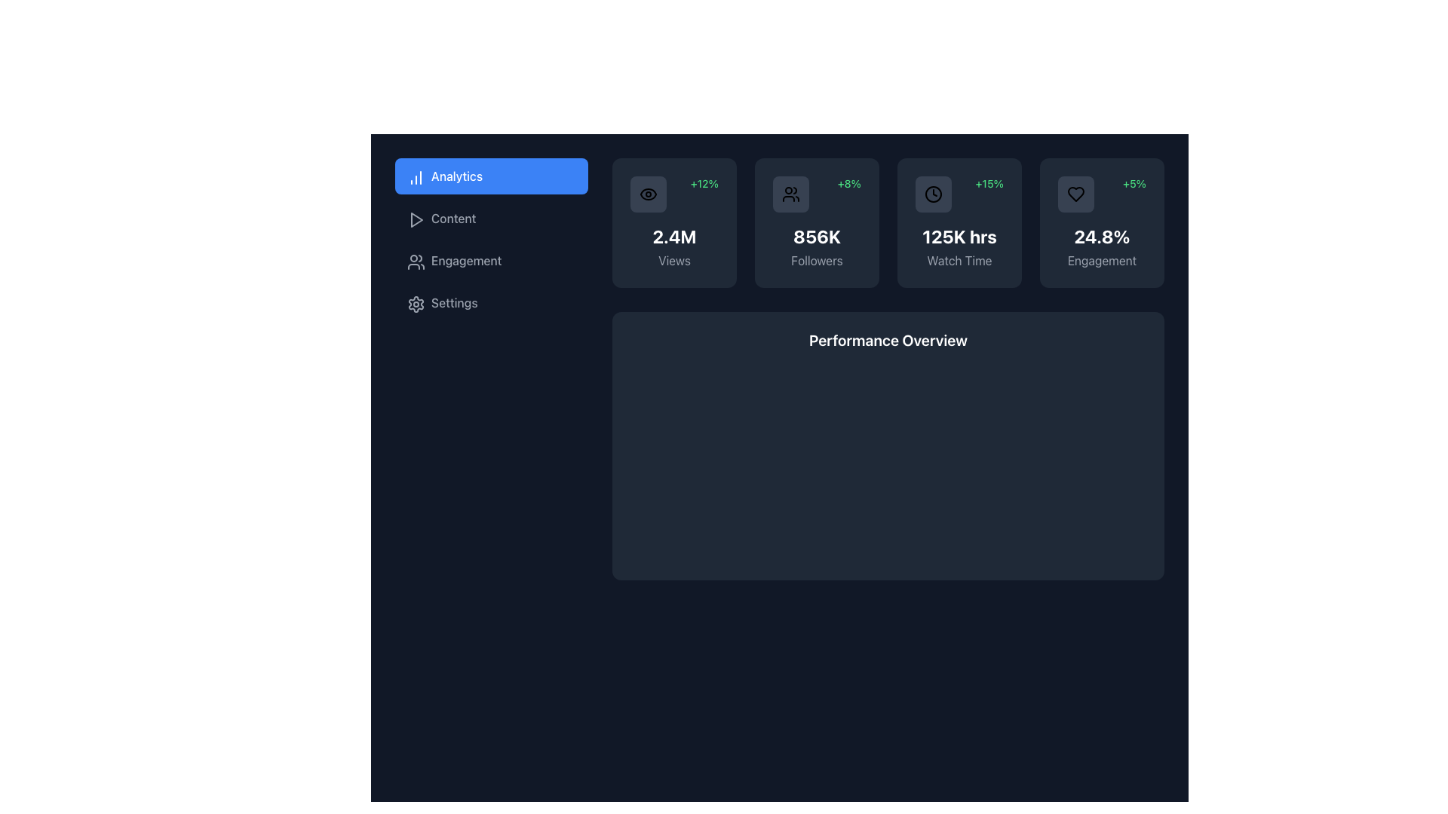 The width and height of the screenshot is (1448, 814). What do you see at coordinates (959, 260) in the screenshot?
I see `the text label indicating total watch time, which is located below the bold '125K hrs' text in the watch time statistics section` at bounding box center [959, 260].